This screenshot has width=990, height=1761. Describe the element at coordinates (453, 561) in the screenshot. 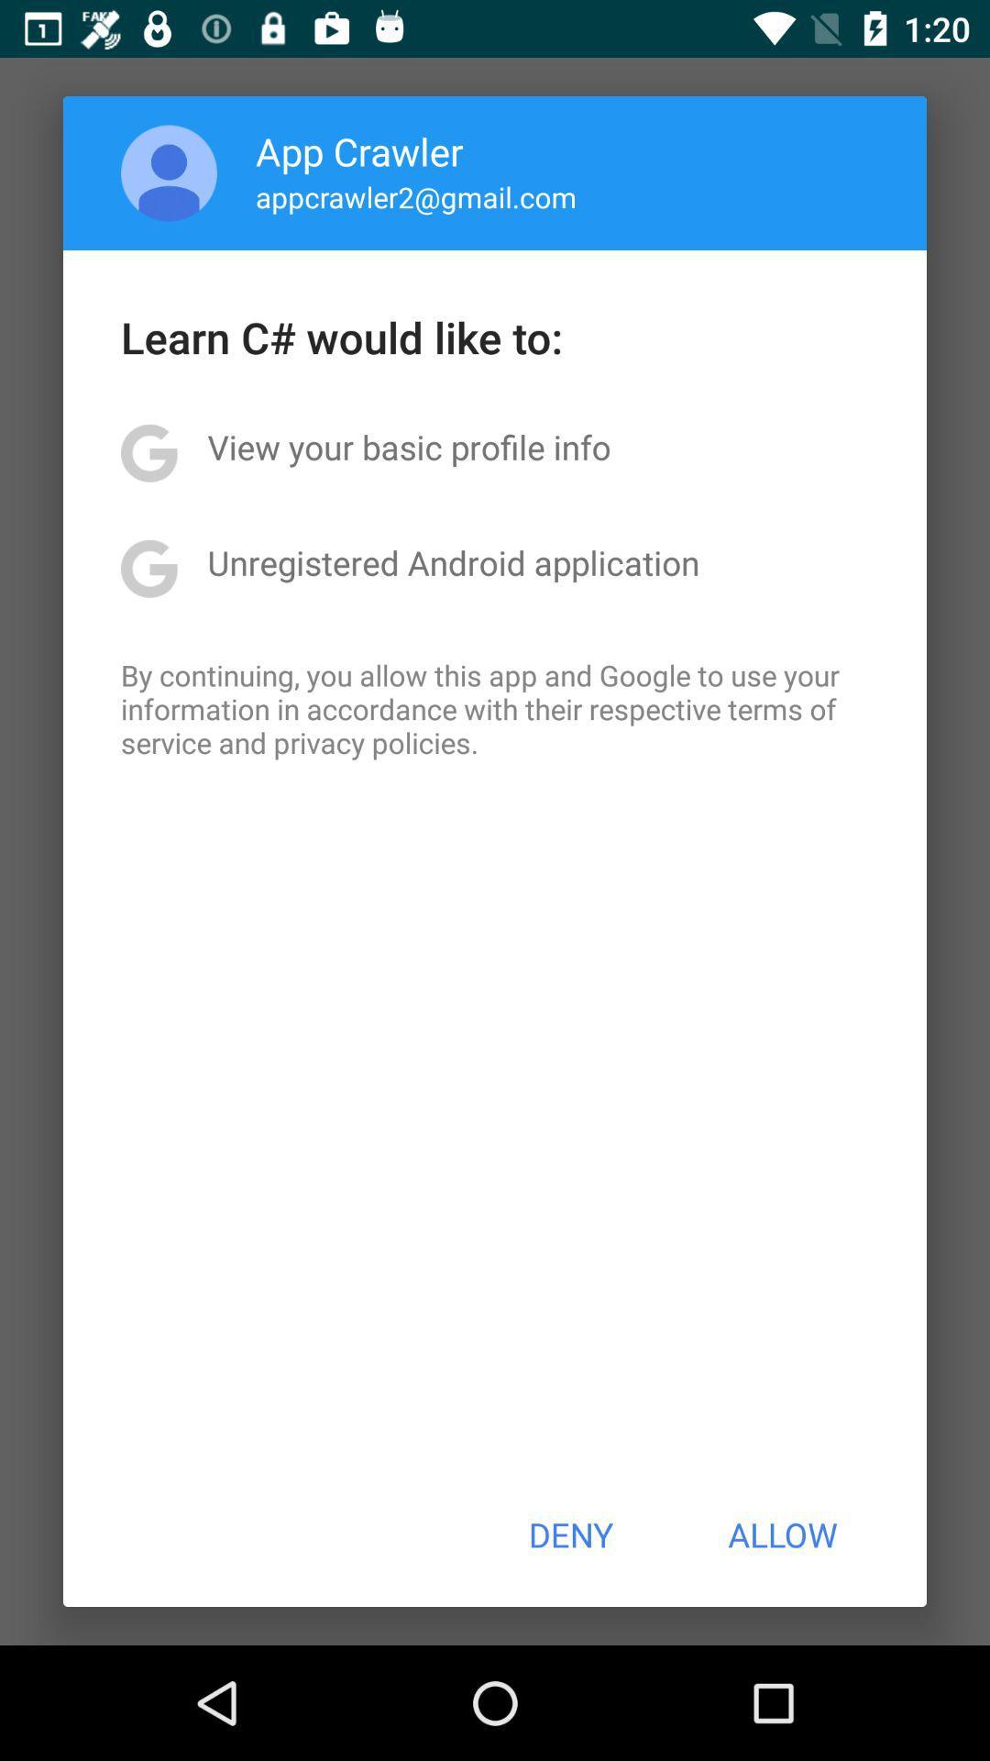

I see `the unregistered android application icon` at that location.